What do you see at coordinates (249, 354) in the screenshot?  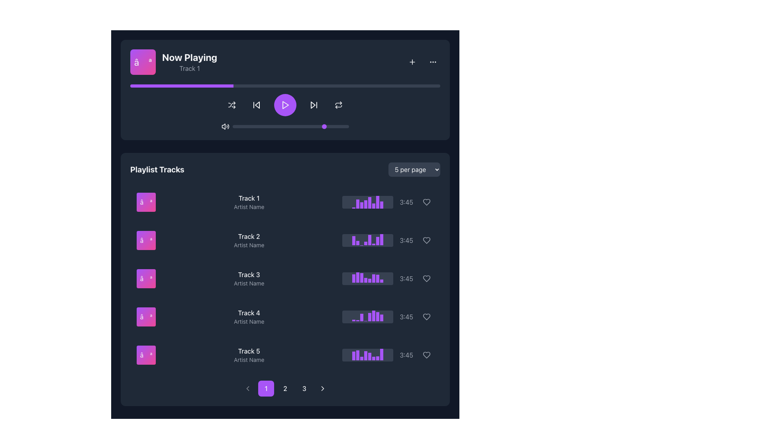 I see `text label displaying the track title 'Track 5' and artist 'Artist Name' located in the fifth row of the playlist section` at bounding box center [249, 354].